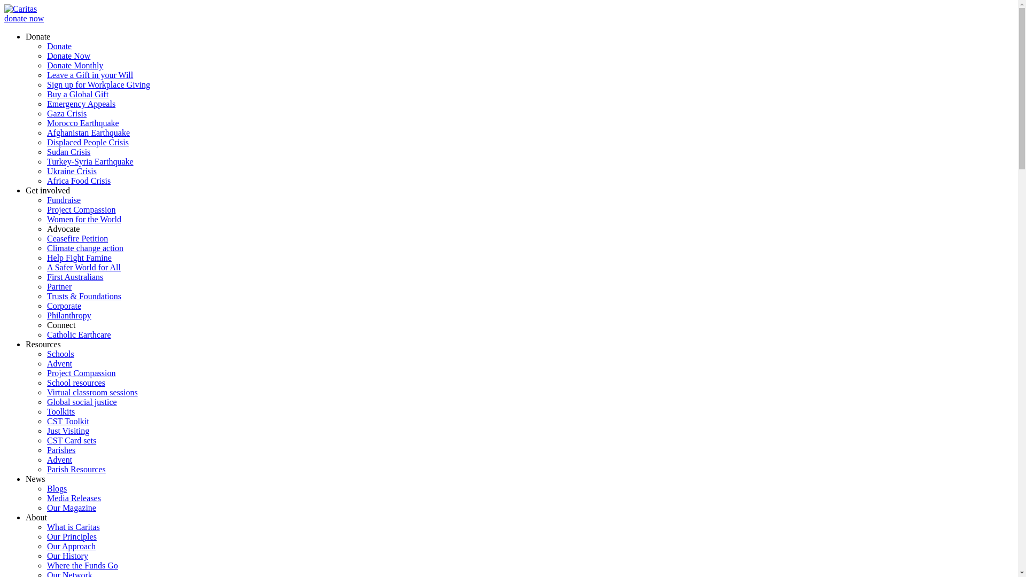 Image resolution: width=1026 pixels, height=577 pixels. Describe the element at coordinates (67, 430) in the screenshot. I see `'Just Visiting'` at that location.